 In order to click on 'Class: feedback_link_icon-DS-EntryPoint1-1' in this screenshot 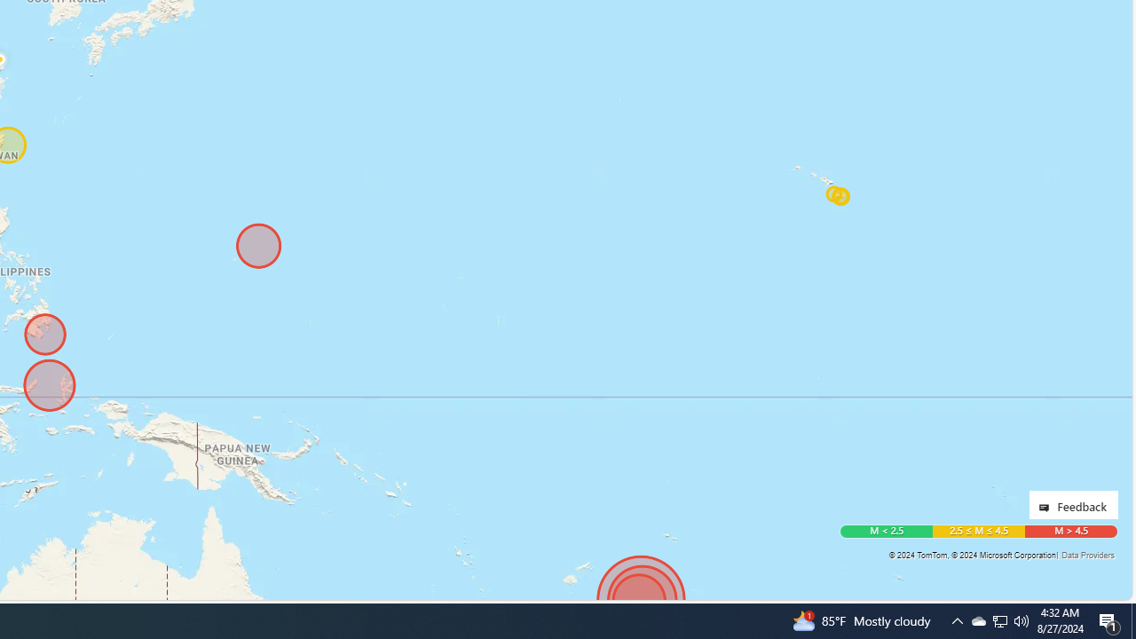, I will do `click(1047, 508)`.